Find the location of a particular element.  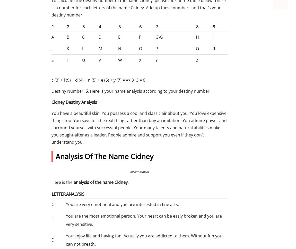

'K' is located at coordinates (68, 48).